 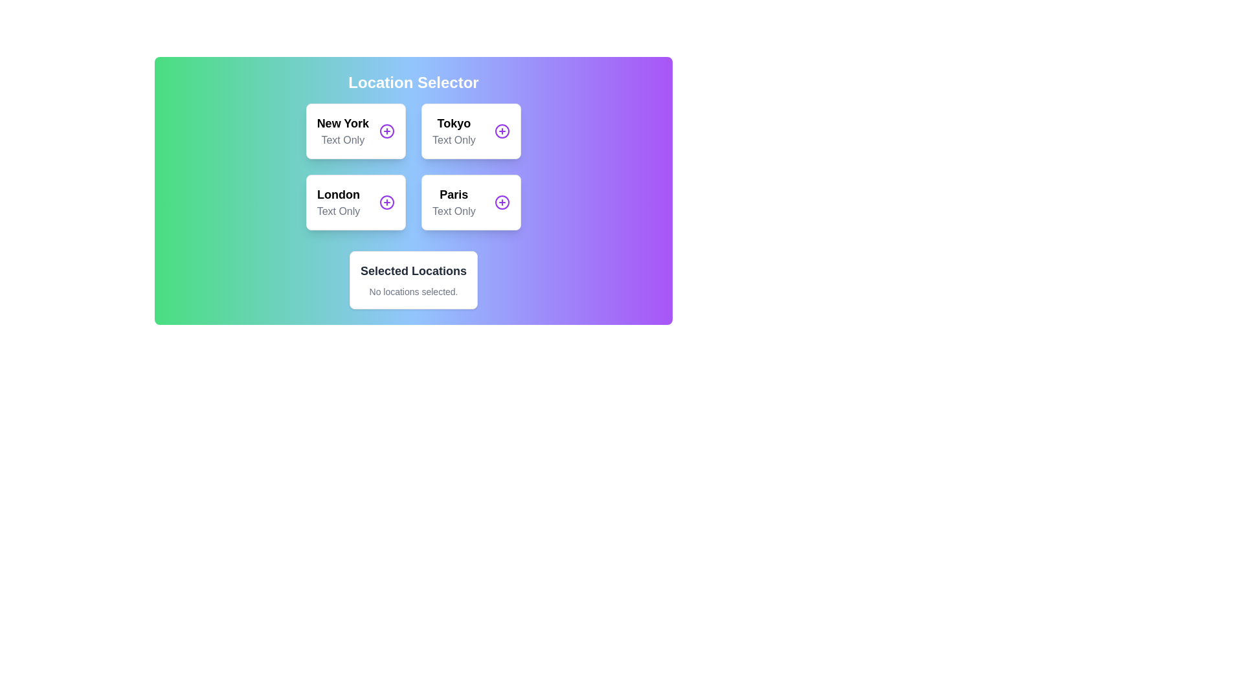 I want to click on the 'New York' interactive card located, so click(x=355, y=131).